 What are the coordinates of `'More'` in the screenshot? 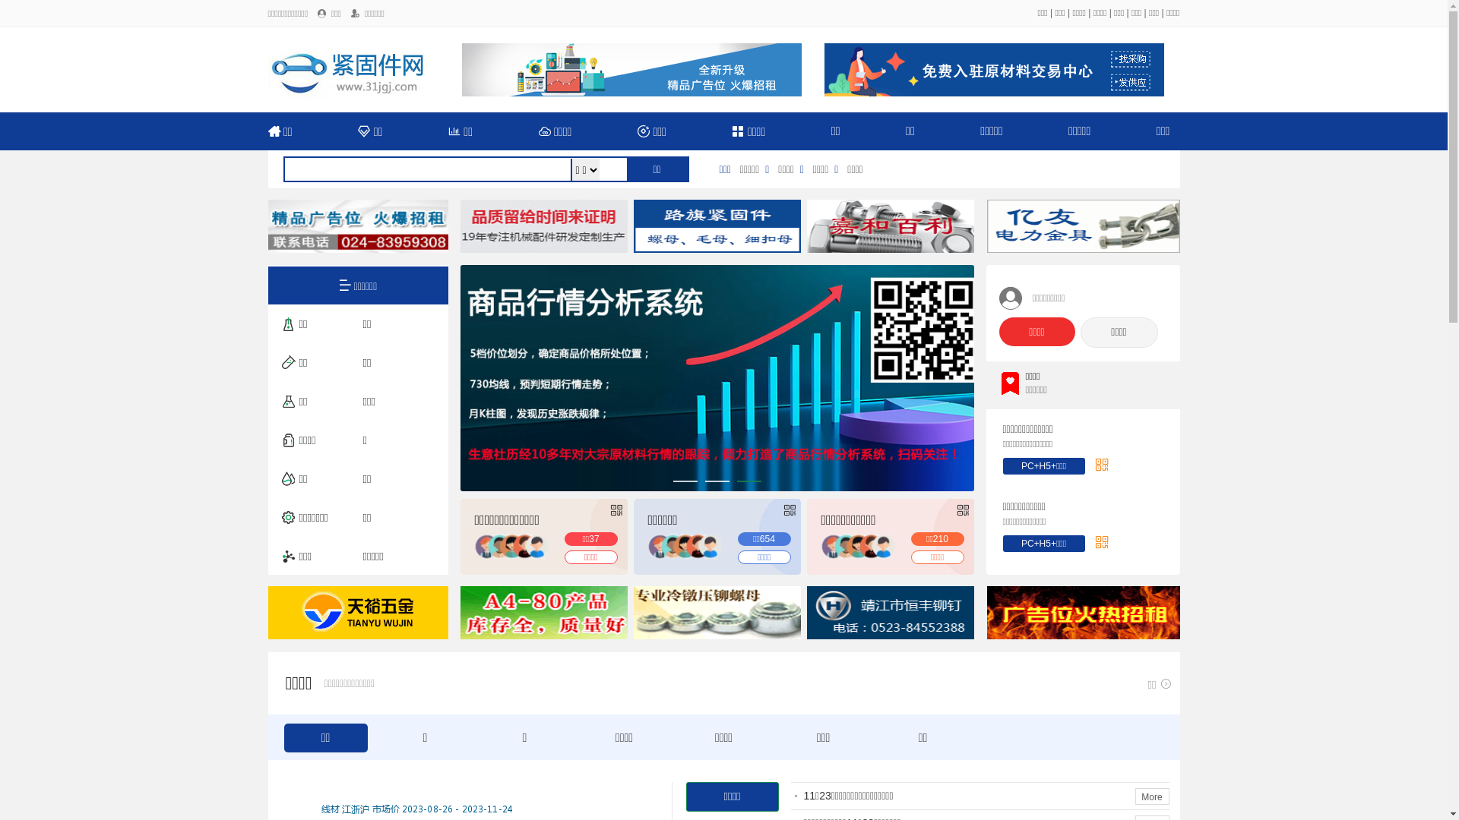 It's located at (1152, 796).